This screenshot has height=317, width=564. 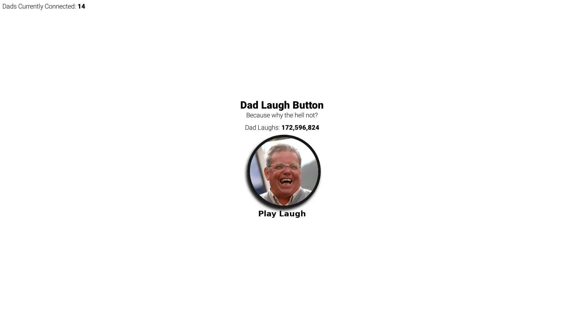 I want to click on Play Laugh, so click(x=282, y=176).